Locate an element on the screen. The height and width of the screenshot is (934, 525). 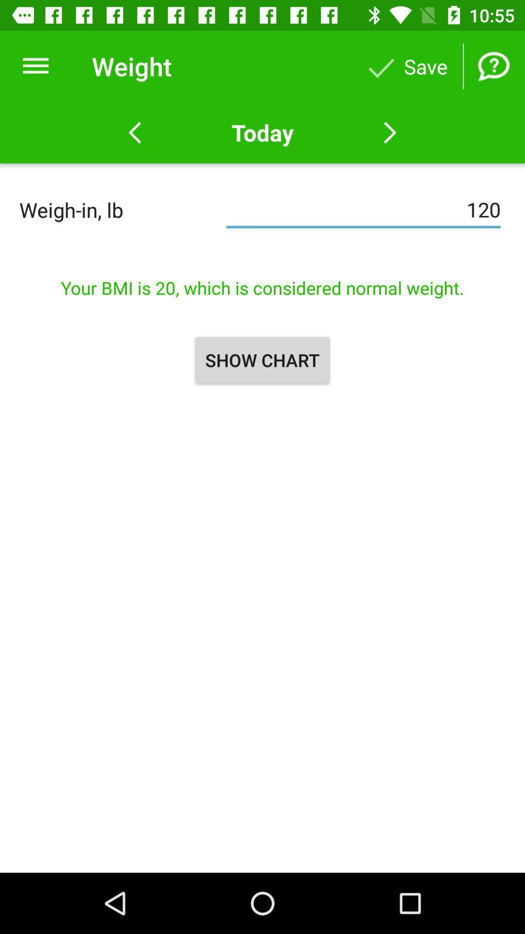
the icon above your bmi is icon is located at coordinates (363, 209).